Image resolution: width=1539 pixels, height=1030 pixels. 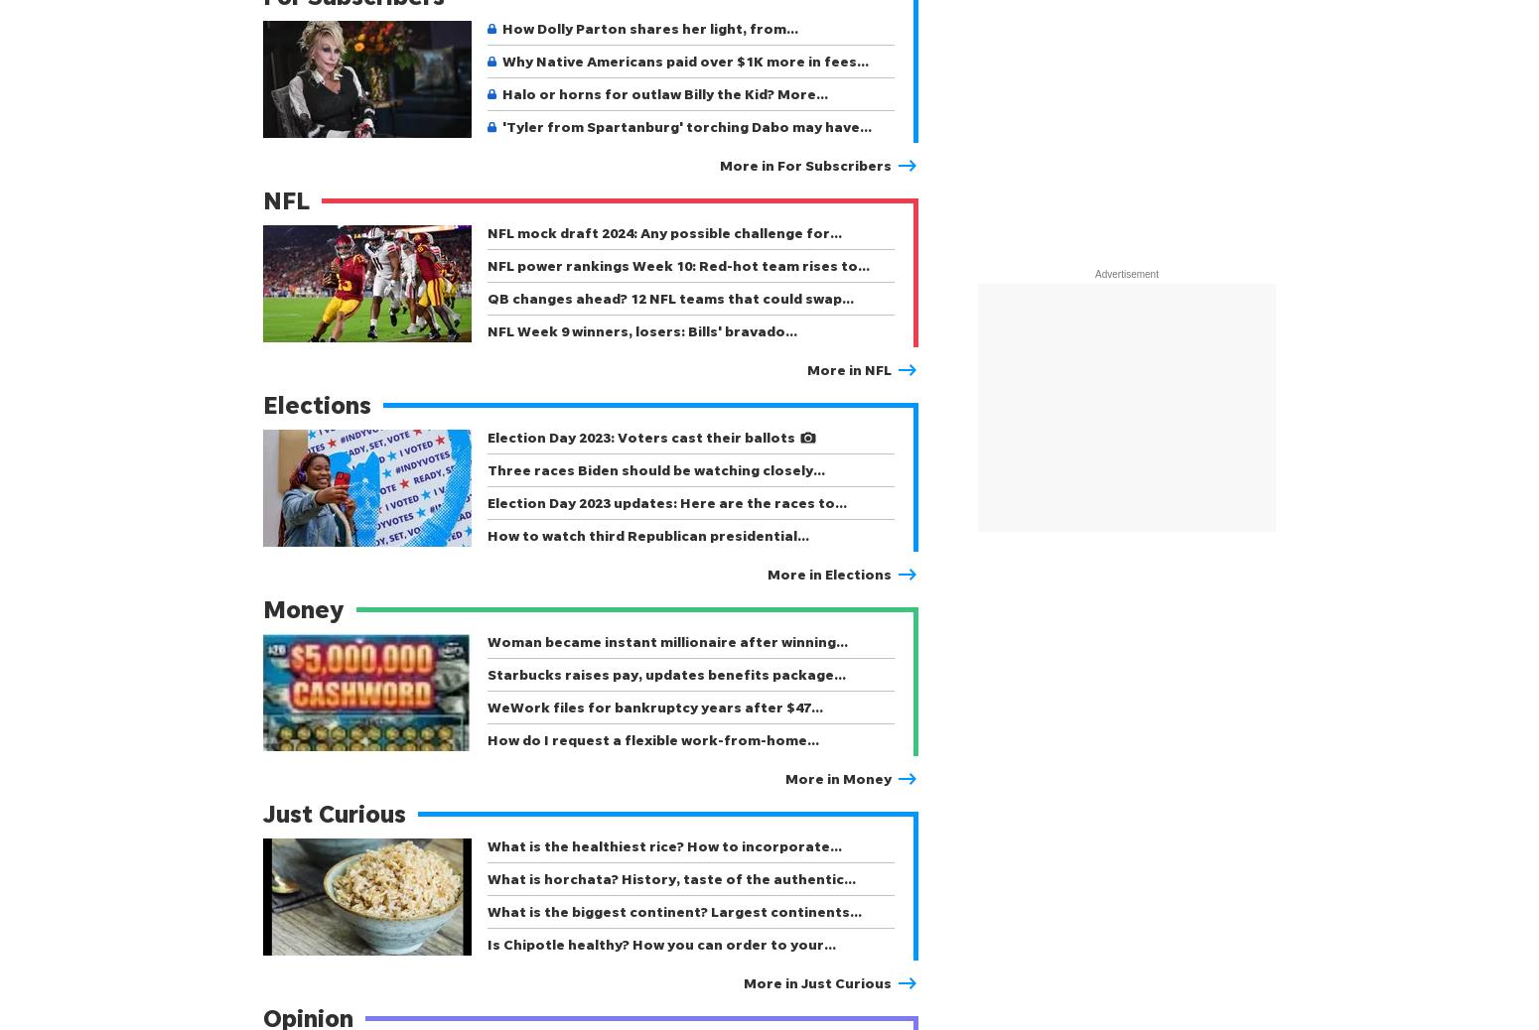 I want to click on 'What is horchata? History, taste of the authentic…', so click(x=670, y=878).